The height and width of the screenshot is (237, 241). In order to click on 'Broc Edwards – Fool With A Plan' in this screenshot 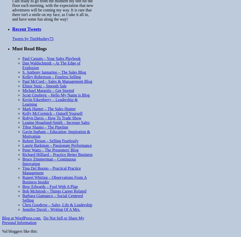, I will do `click(50, 186)`.